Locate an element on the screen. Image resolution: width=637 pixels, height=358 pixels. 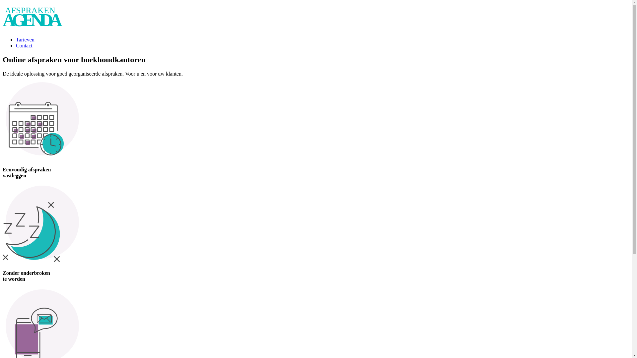
'Afsprakenagenda Afsprakenagenda is located at coordinates (35, 23).